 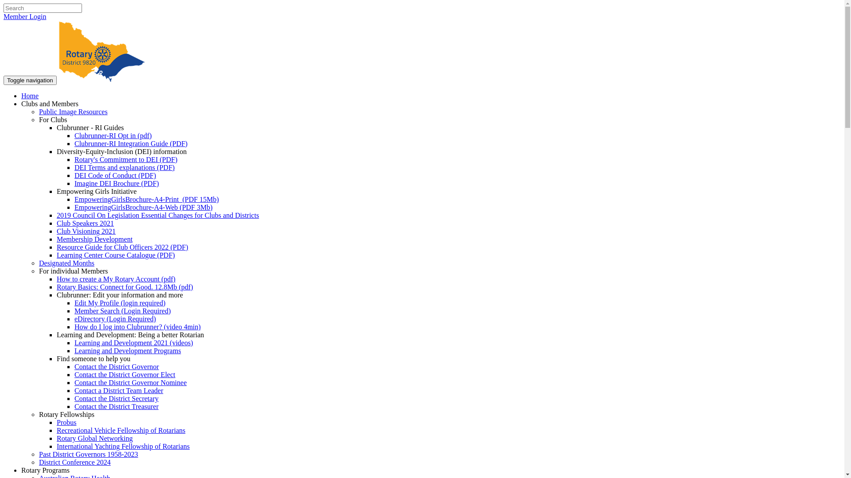 What do you see at coordinates (38, 414) in the screenshot?
I see `'Rotary Fellowships'` at bounding box center [38, 414].